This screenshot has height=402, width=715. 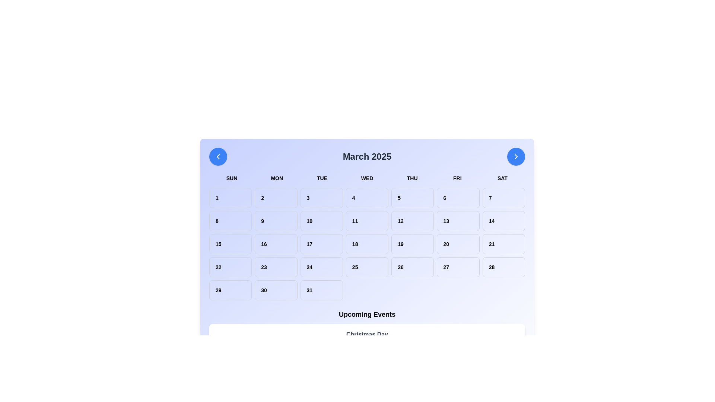 I want to click on the bold number '18' in the calendar grid, which represents a day of the month and is located in the fourth row and fourth column of the March 2025 calendar, so click(x=367, y=244).